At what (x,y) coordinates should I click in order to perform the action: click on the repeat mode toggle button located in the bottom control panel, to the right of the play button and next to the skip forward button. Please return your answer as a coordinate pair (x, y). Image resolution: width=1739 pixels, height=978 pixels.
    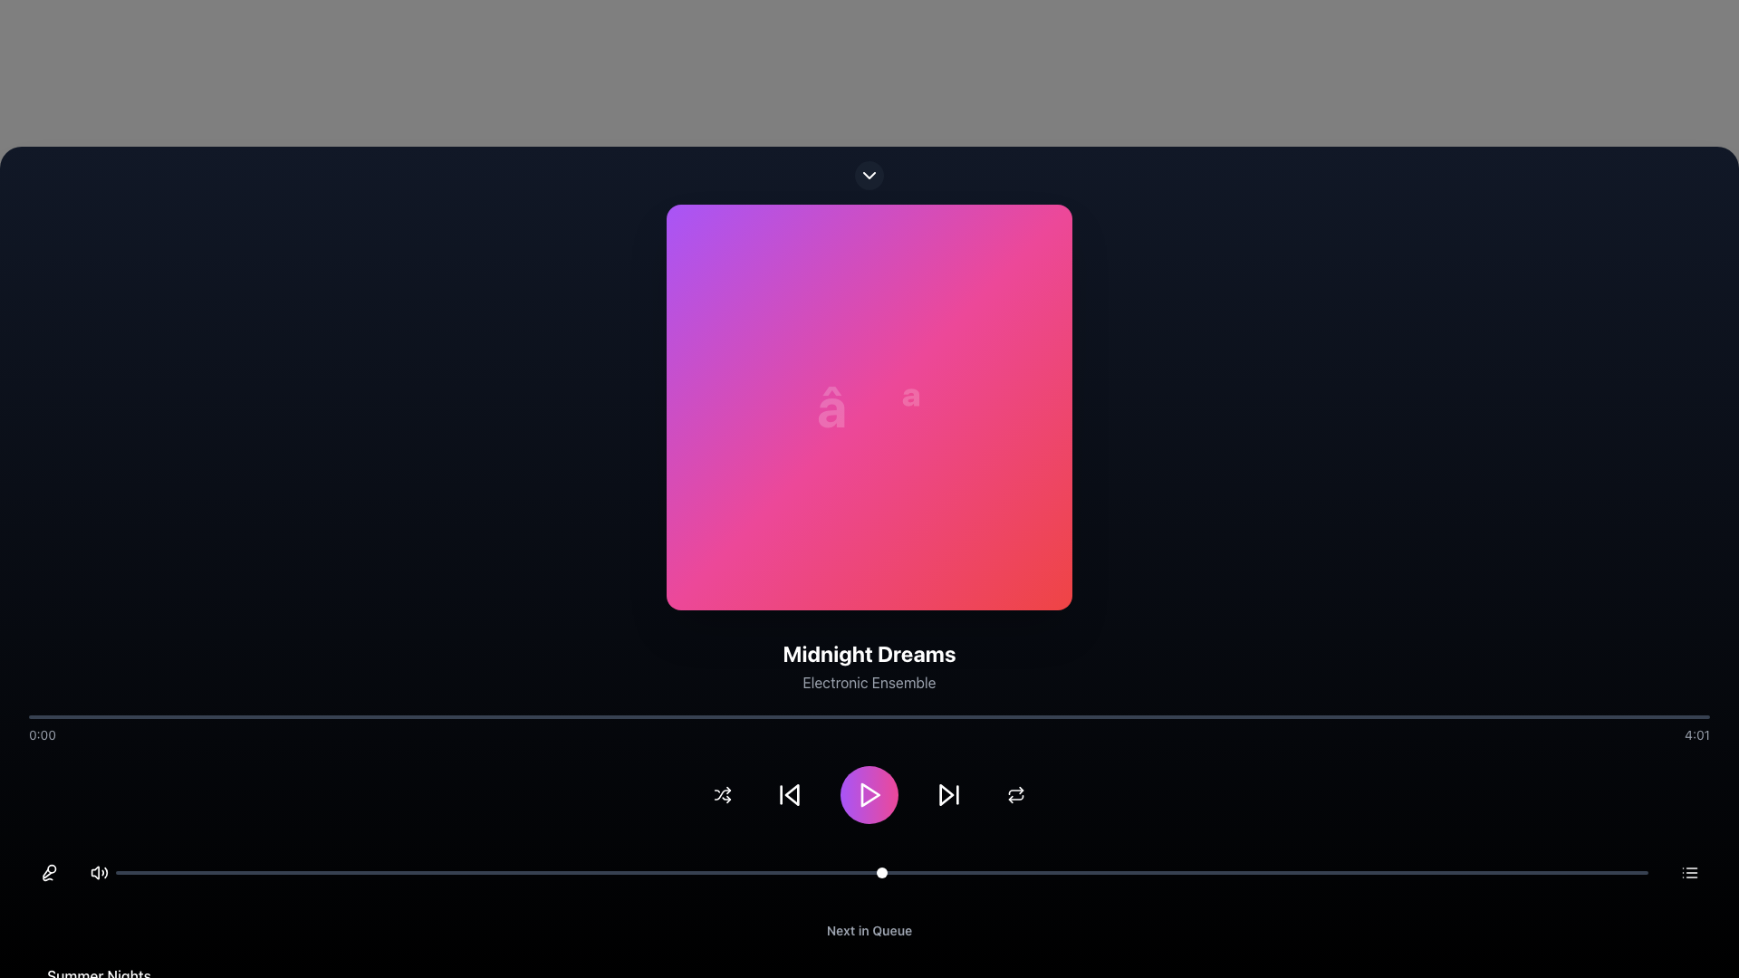
    Looking at the image, I should click on (1016, 794).